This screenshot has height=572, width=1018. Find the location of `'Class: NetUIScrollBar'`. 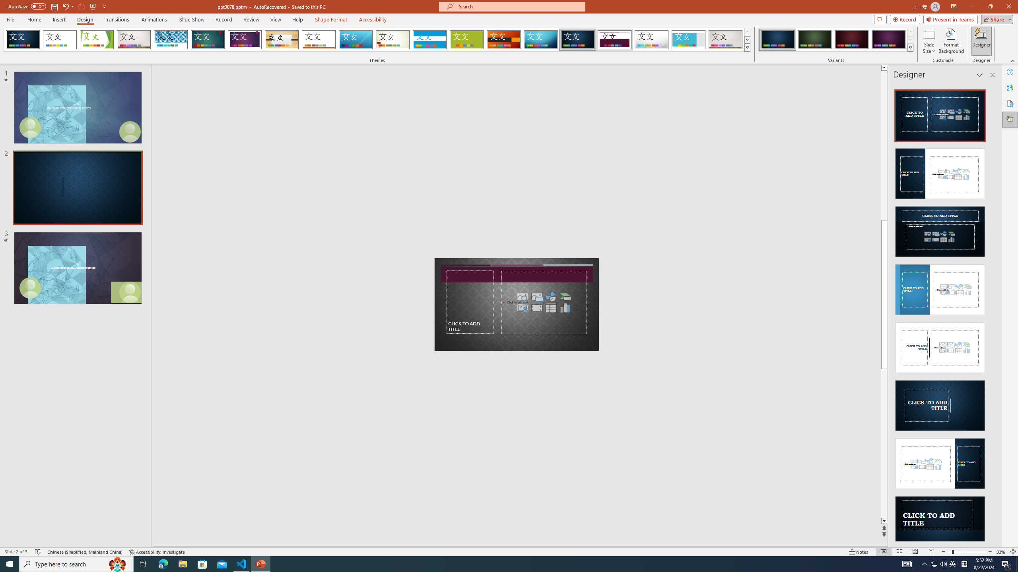

'Class: NetUIScrollBar' is located at coordinates (992, 312).